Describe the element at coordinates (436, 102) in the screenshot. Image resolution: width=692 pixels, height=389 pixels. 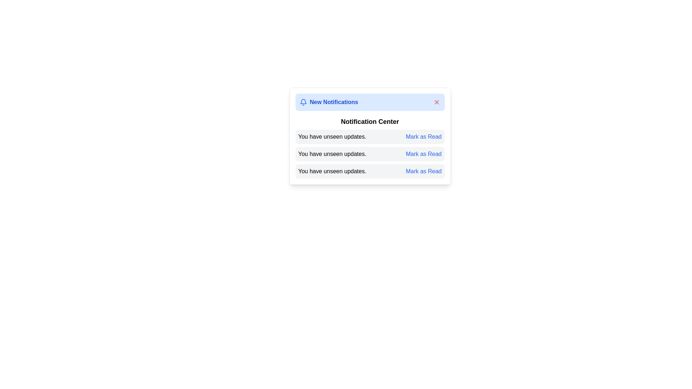
I see `the close button to dismiss the notification alert` at that location.